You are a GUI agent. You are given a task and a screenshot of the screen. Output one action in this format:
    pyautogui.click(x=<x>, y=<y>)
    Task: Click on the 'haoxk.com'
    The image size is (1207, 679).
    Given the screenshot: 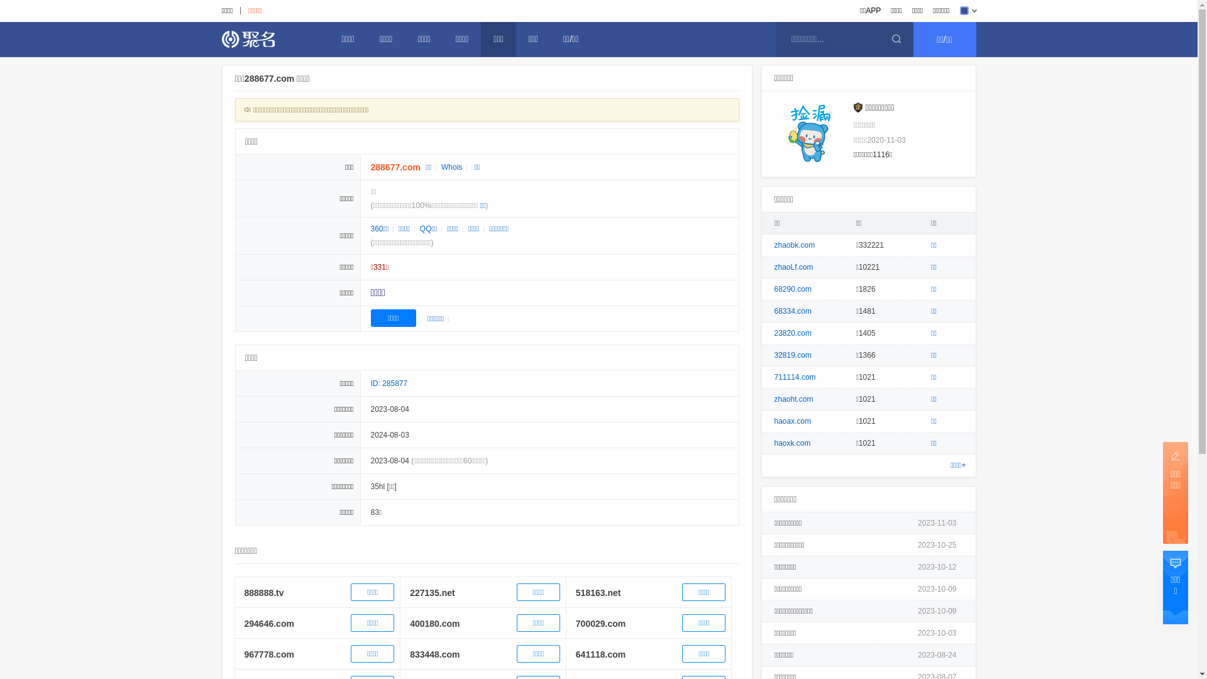 What is the action you would take?
    pyautogui.click(x=792, y=443)
    